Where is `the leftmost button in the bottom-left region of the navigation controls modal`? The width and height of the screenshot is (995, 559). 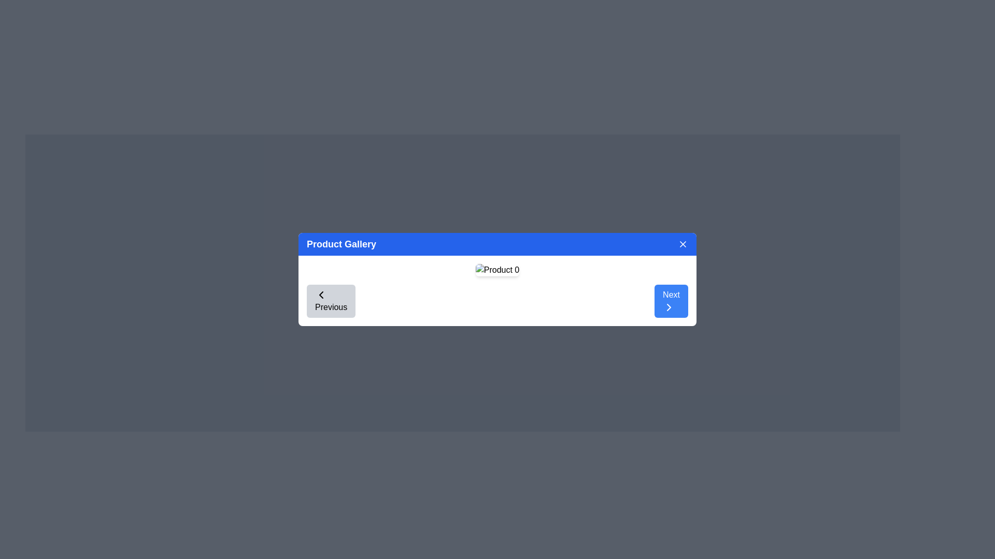
the leftmost button in the bottom-left region of the navigation controls modal is located at coordinates (331, 301).